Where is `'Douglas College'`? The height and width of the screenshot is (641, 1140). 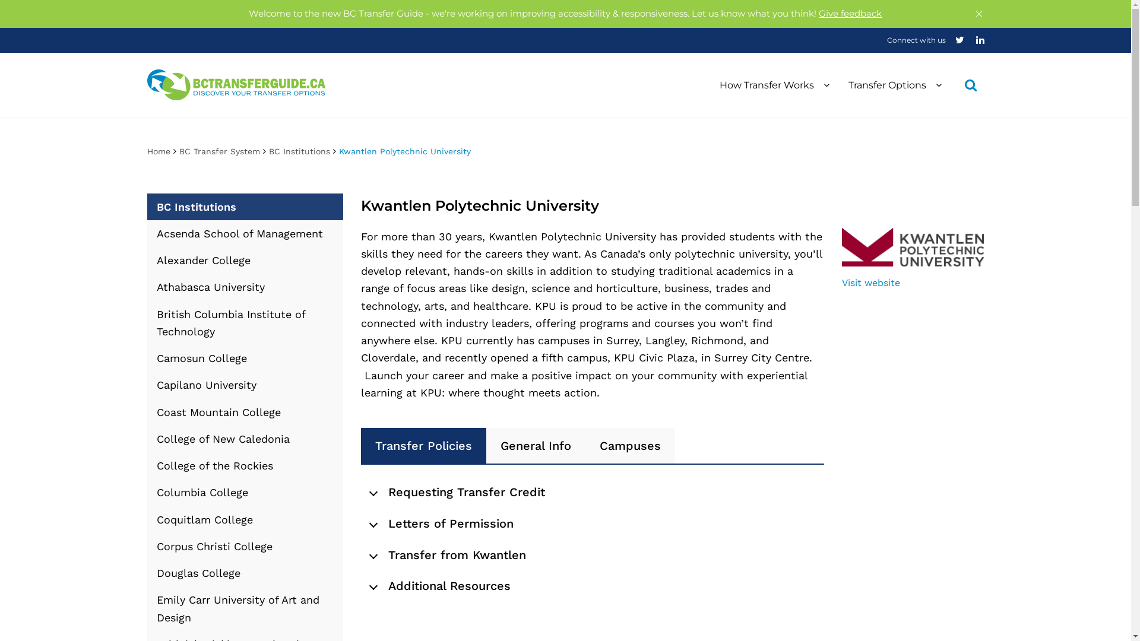 'Douglas College' is located at coordinates (244, 572).